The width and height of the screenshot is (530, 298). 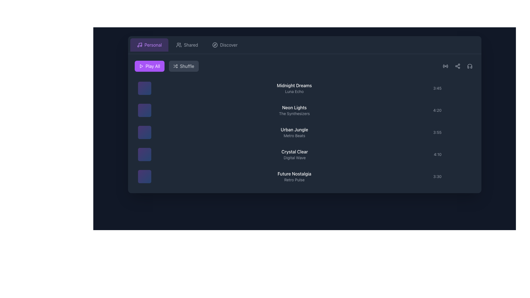 I want to click on the 'Shared' text label in the navigation bar, which is styled in gray and positioned between the user icon and the 'Discover' label, so click(x=191, y=44).